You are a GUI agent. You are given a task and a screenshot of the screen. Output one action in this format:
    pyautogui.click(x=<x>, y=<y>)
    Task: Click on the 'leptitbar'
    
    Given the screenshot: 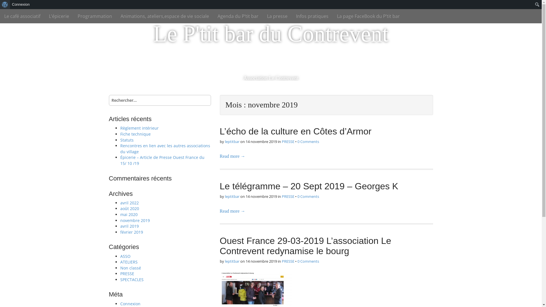 What is the action you would take?
    pyautogui.click(x=232, y=141)
    